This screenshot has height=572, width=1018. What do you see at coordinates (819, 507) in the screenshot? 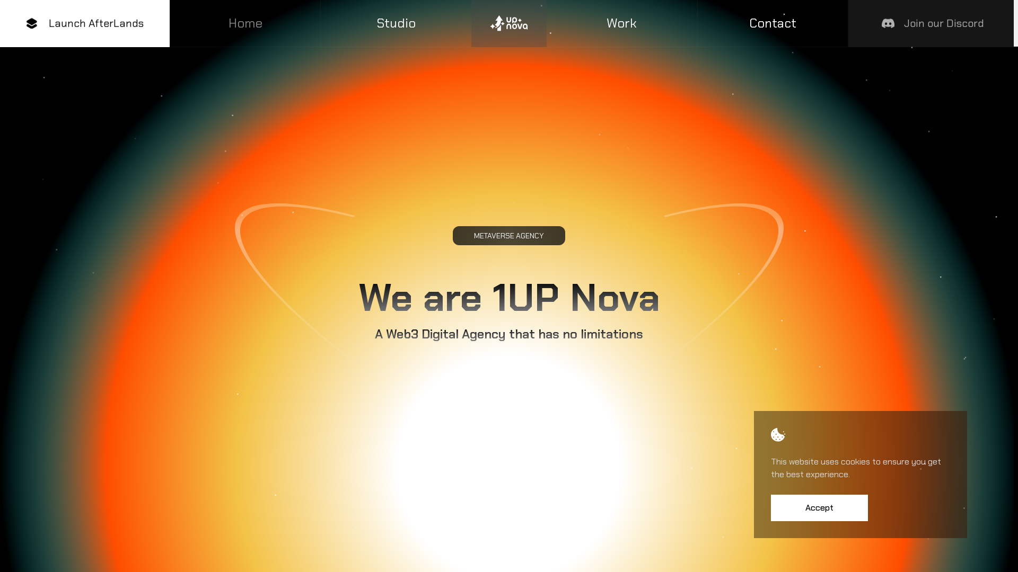
I see `'Accept'` at bounding box center [819, 507].